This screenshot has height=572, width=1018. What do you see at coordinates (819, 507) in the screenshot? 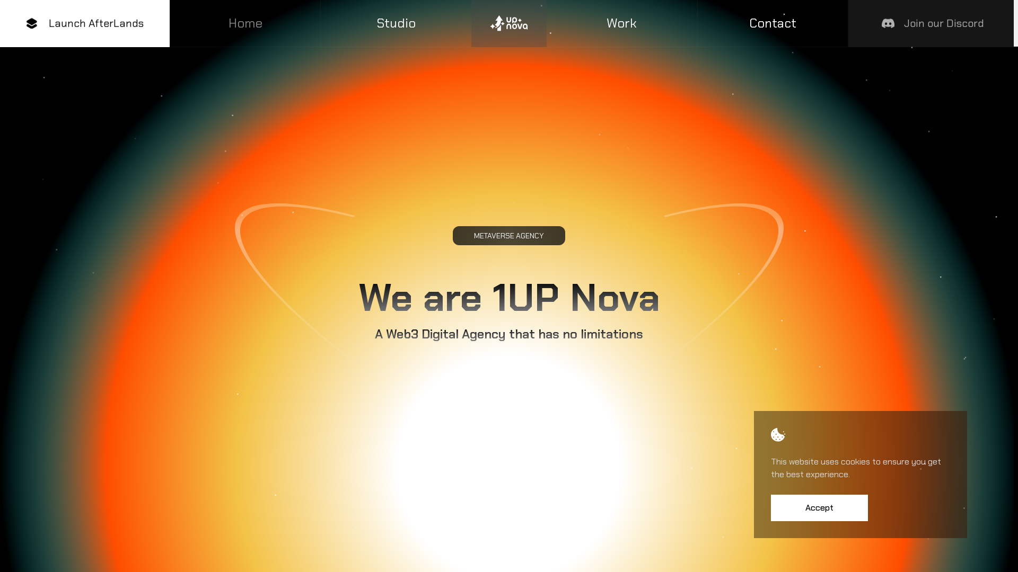
I see `'Accept'` at bounding box center [819, 507].